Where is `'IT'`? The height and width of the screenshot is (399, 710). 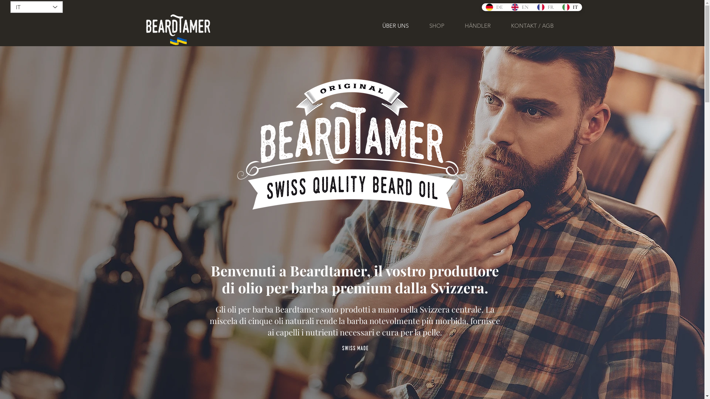
'IT' is located at coordinates (557, 7).